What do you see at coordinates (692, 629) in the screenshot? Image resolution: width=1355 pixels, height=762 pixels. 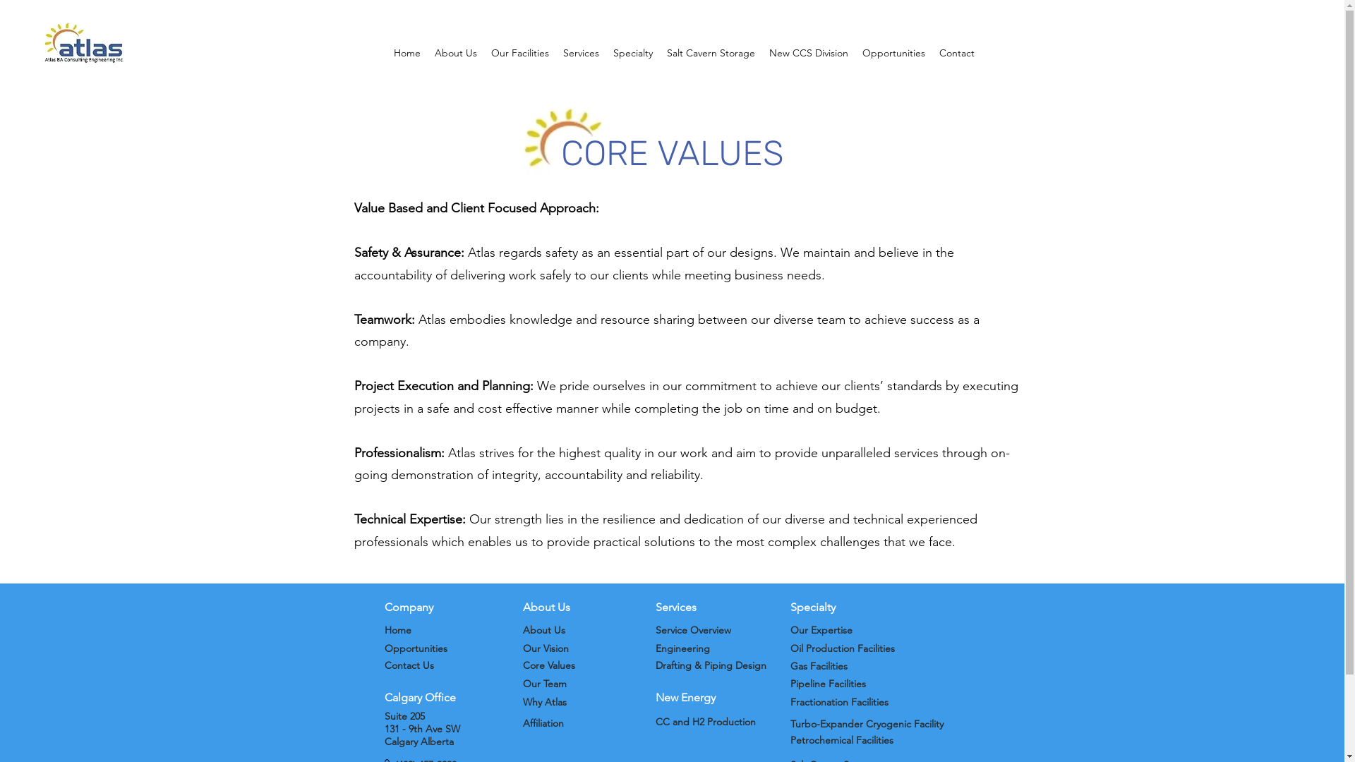 I see `'Service Overview'` at bounding box center [692, 629].